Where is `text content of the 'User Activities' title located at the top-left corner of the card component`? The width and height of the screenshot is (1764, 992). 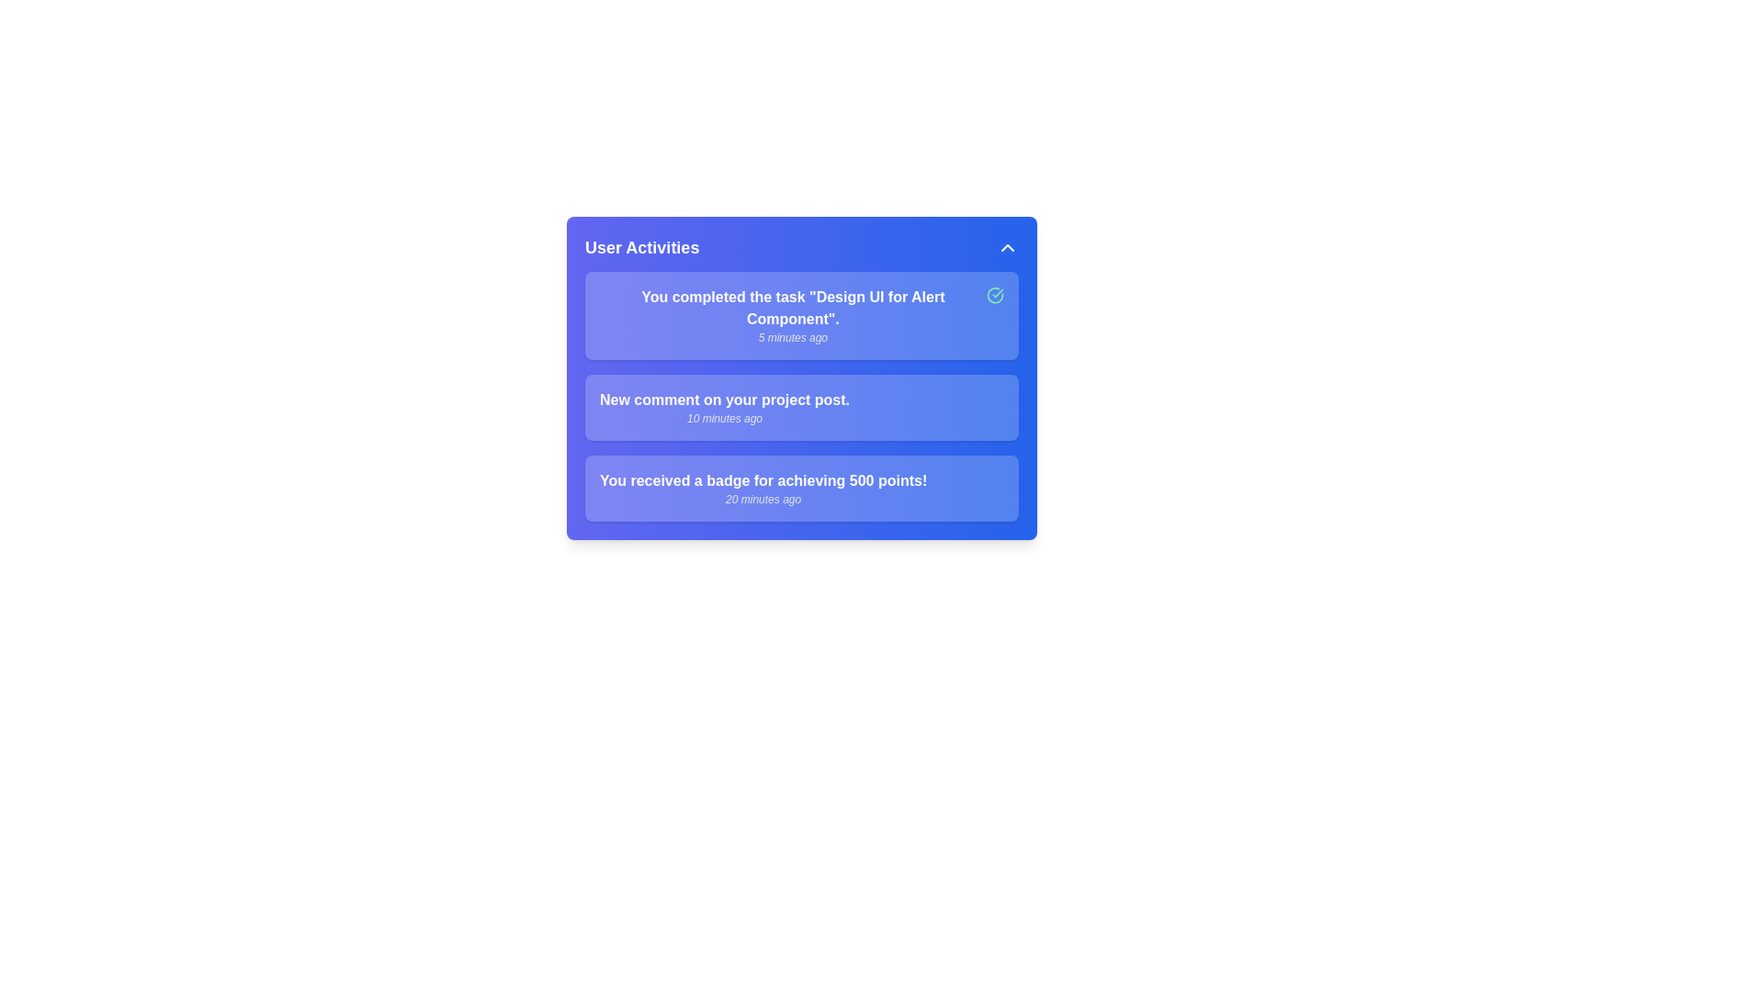
text content of the 'User Activities' title located at the top-left corner of the card component is located at coordinates (642, 248).